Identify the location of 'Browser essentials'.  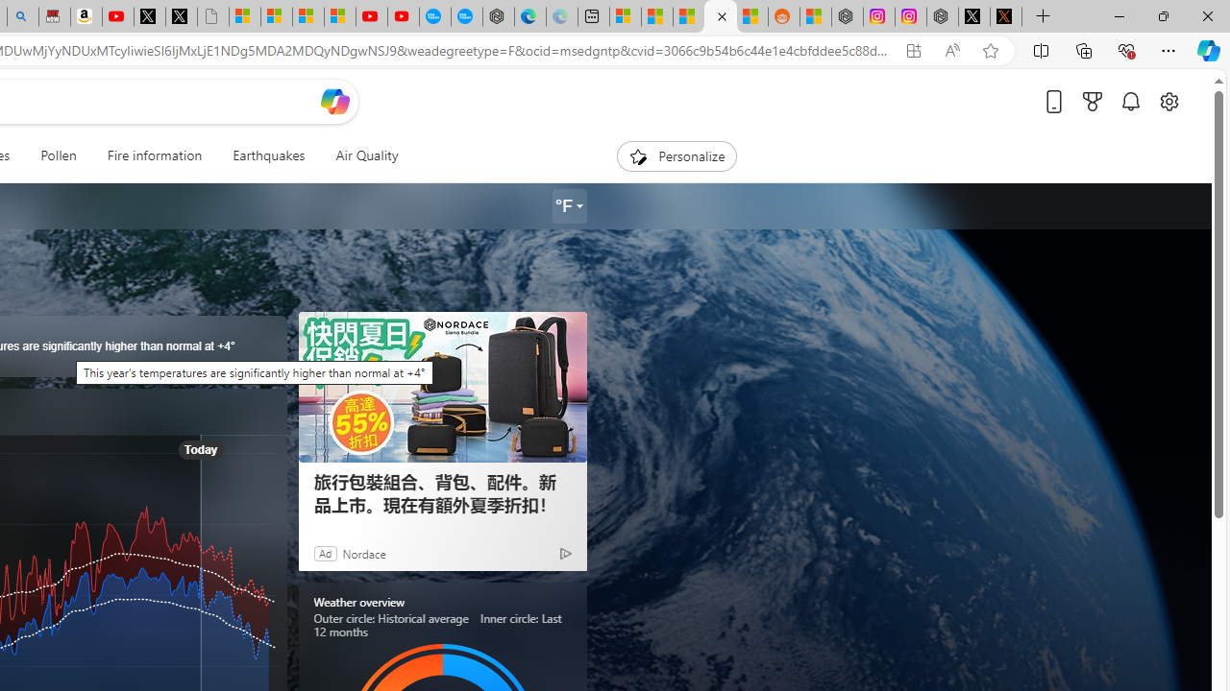
(1125, 49).